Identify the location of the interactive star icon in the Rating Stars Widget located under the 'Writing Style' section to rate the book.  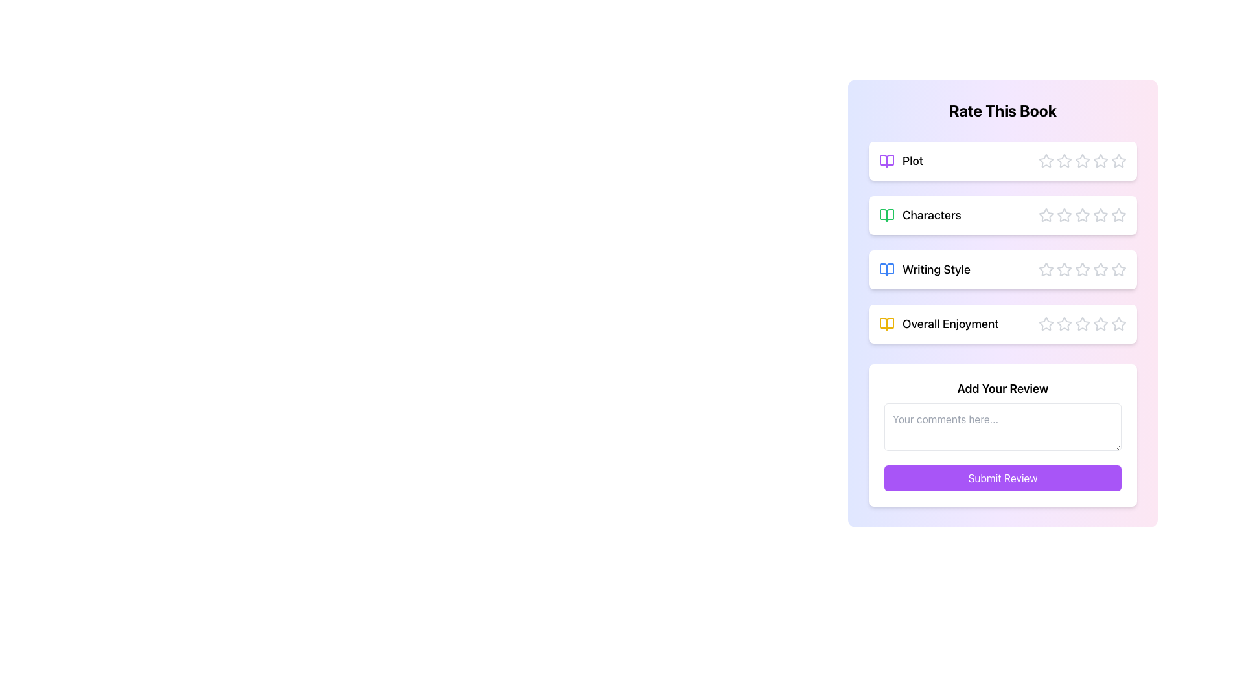
(1082, 269).